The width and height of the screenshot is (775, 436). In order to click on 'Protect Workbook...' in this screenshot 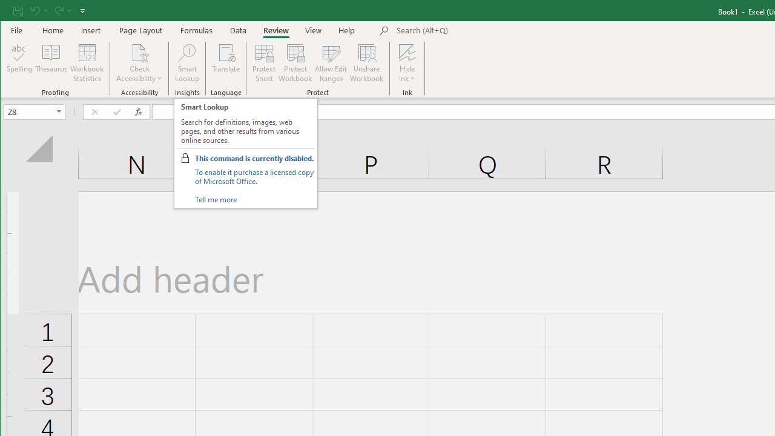, I will do `click(295, 63)`.